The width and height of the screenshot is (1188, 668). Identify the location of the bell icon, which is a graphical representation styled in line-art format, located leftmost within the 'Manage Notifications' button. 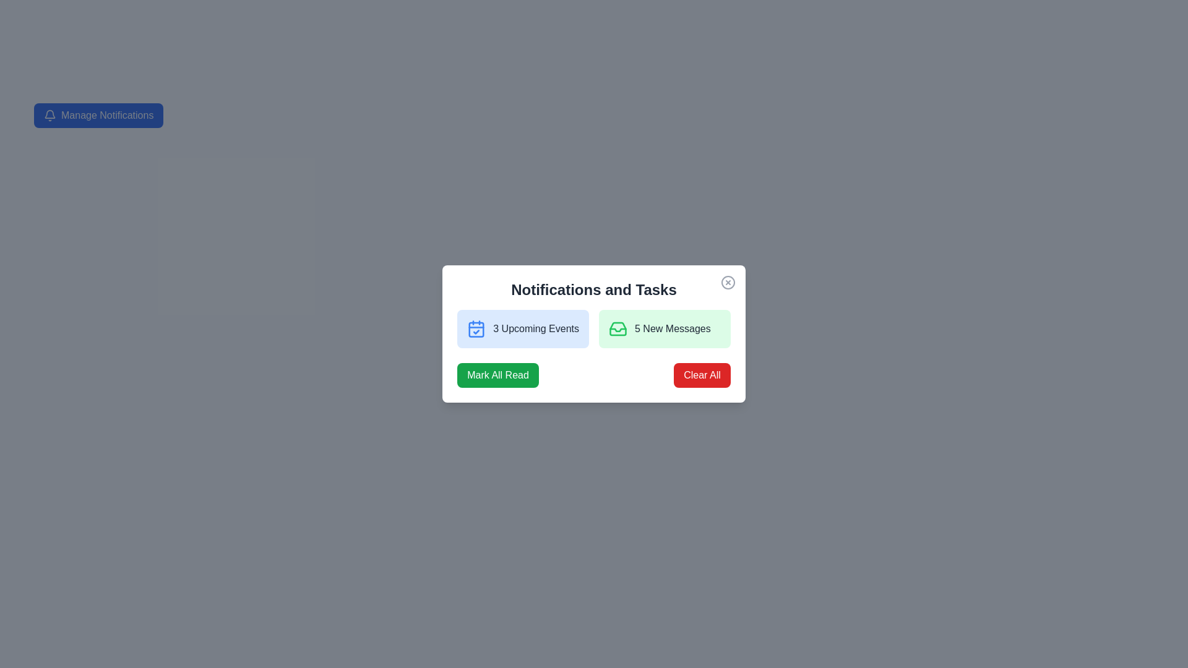
(49, 115).